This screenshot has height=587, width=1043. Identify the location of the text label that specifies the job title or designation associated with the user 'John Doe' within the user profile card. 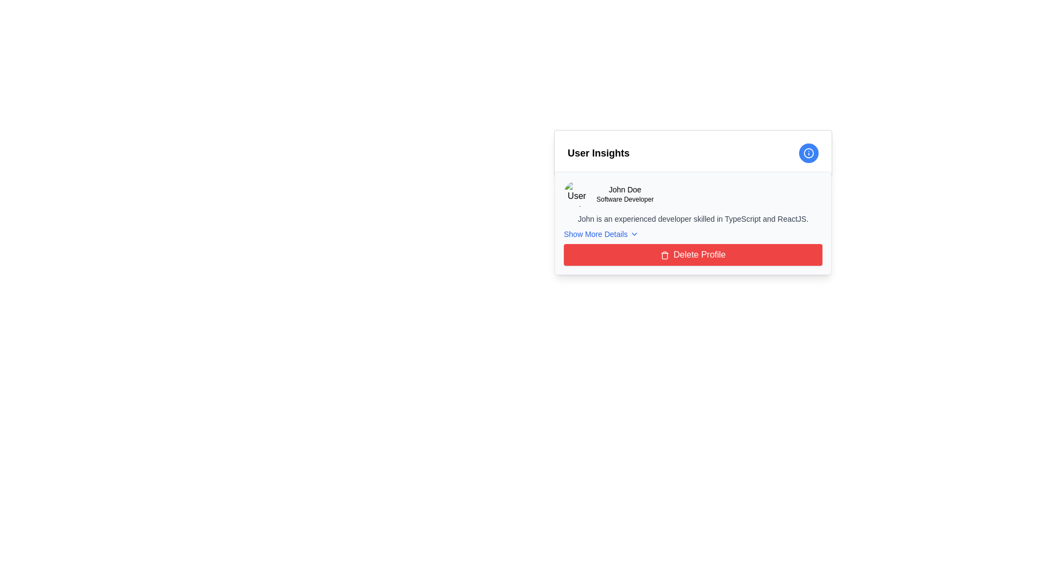
(625, 199).